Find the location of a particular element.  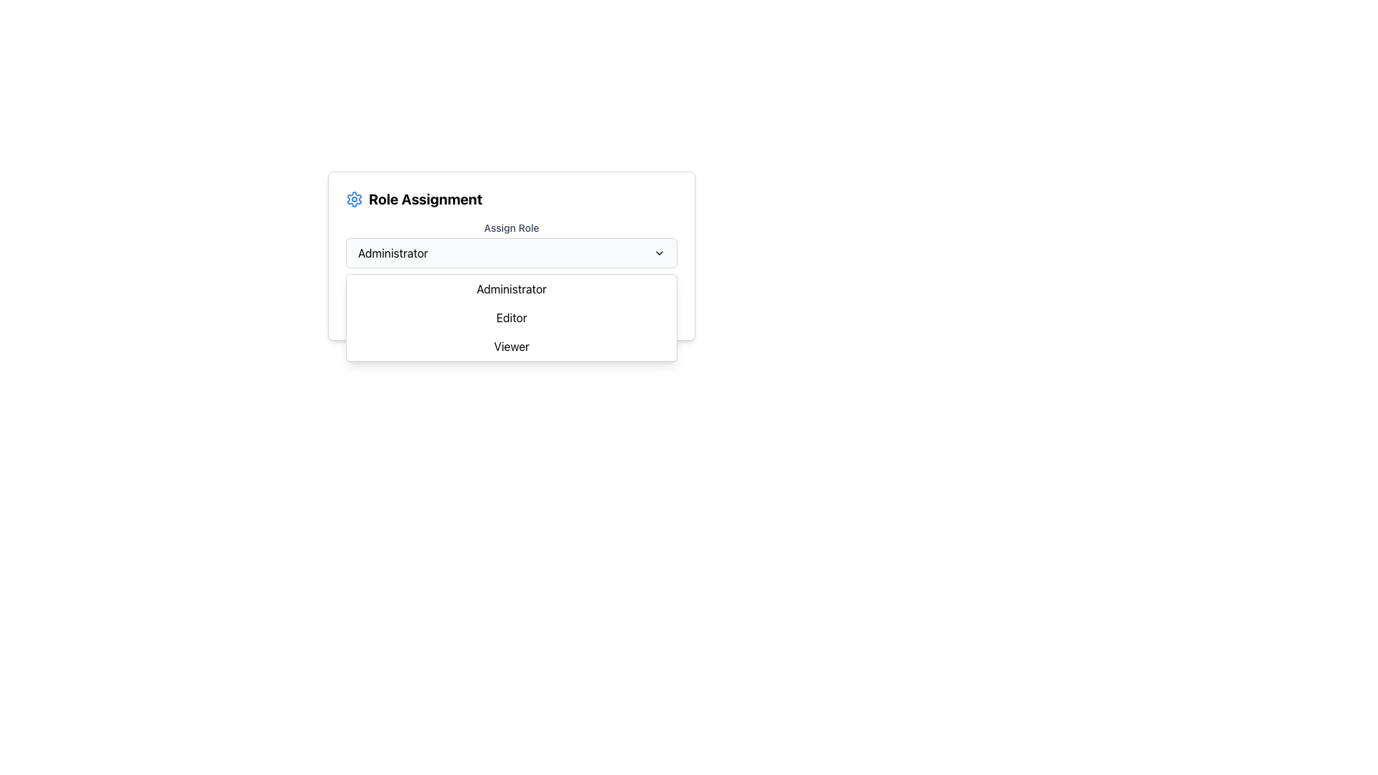

the dropdown menu titled 'Role Assignment' is located at coordinates (512, 255).